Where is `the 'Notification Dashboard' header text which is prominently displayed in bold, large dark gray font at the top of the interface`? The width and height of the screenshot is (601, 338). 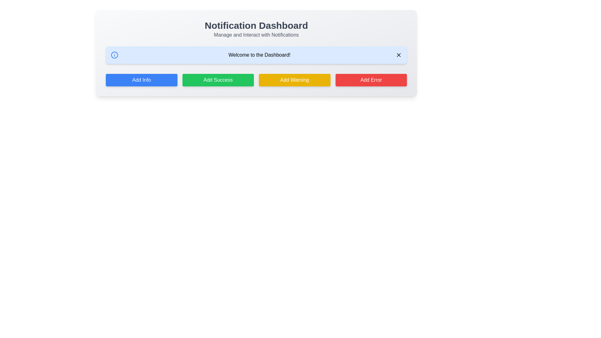
the 'Notification Dashboard' header text which is prominently displayed in bold, large dark gray font at the top of the interface is located at coordinates (256, 25).